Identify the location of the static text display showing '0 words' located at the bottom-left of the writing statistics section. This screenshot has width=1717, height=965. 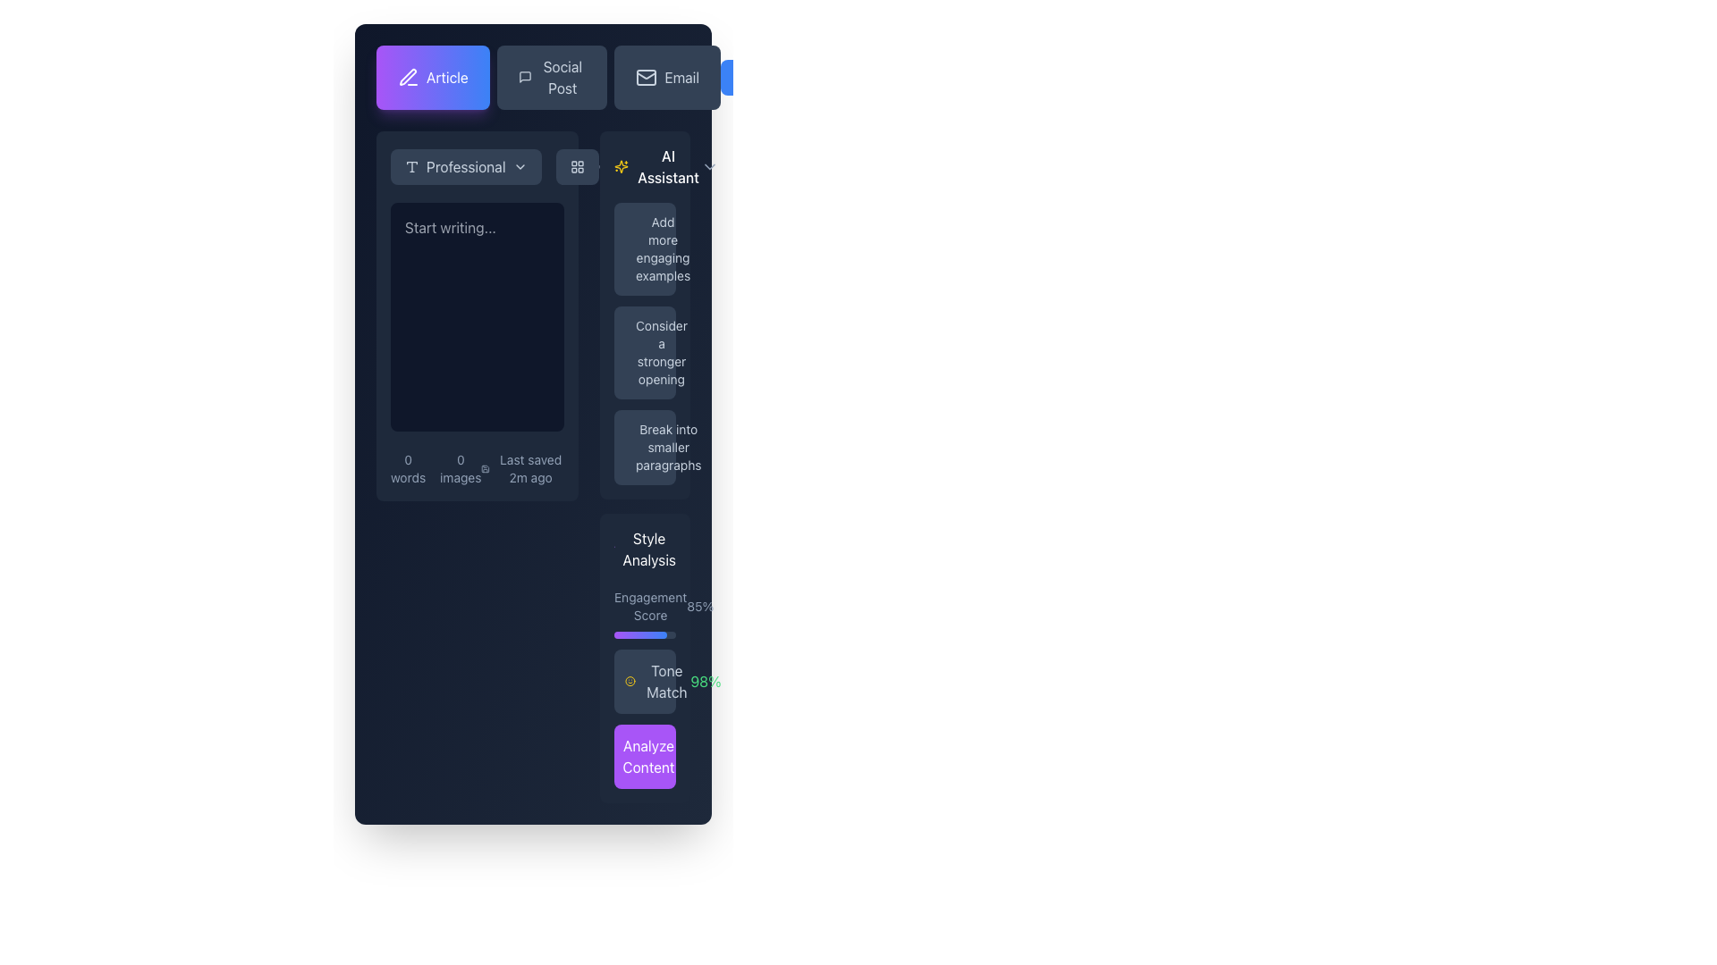
(407, 467).